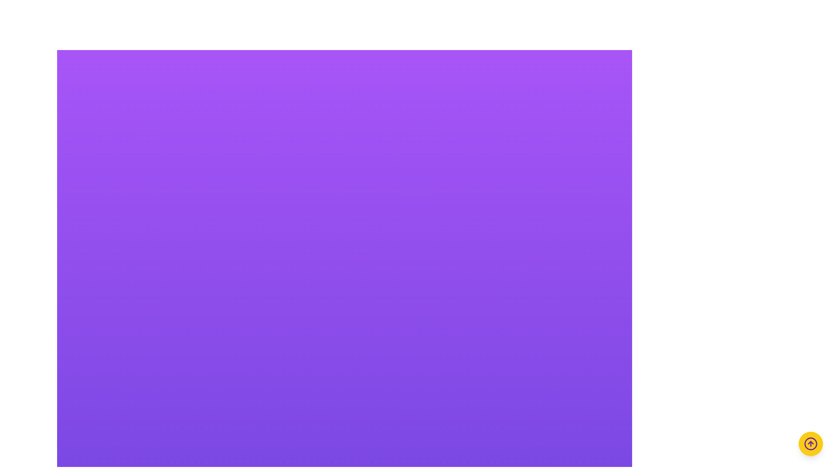  I want to click on the circular yellow button with a purple border and an upward pointing arrow, so click(810, 443).